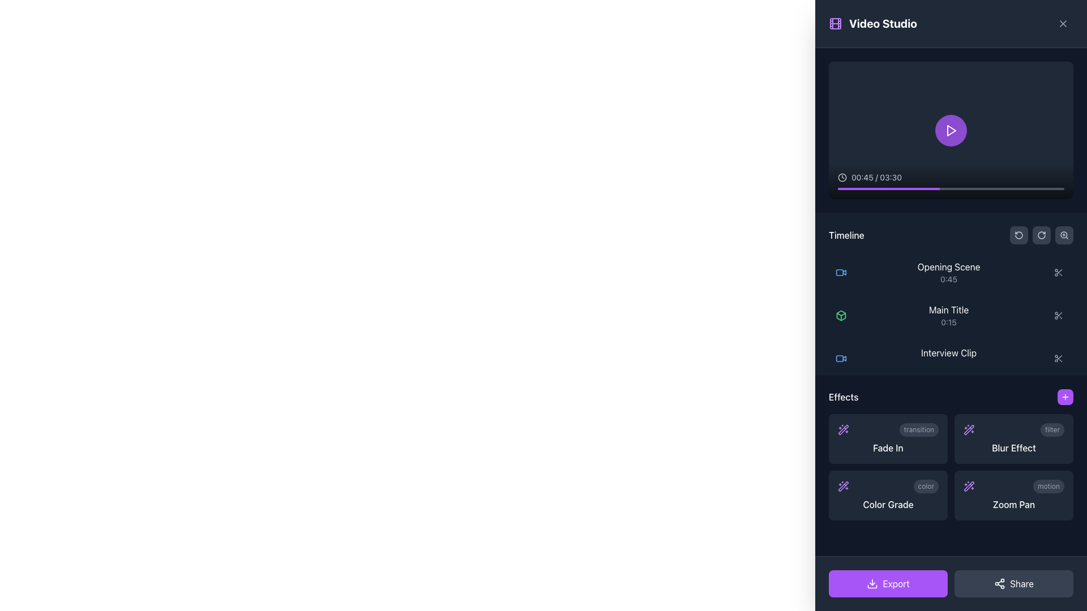  What do you see at coordinates (1058, 316) in the screenshot?
I see `the scissors icon button located in the 'Timeline' region` at bounding box center [1058, 316].